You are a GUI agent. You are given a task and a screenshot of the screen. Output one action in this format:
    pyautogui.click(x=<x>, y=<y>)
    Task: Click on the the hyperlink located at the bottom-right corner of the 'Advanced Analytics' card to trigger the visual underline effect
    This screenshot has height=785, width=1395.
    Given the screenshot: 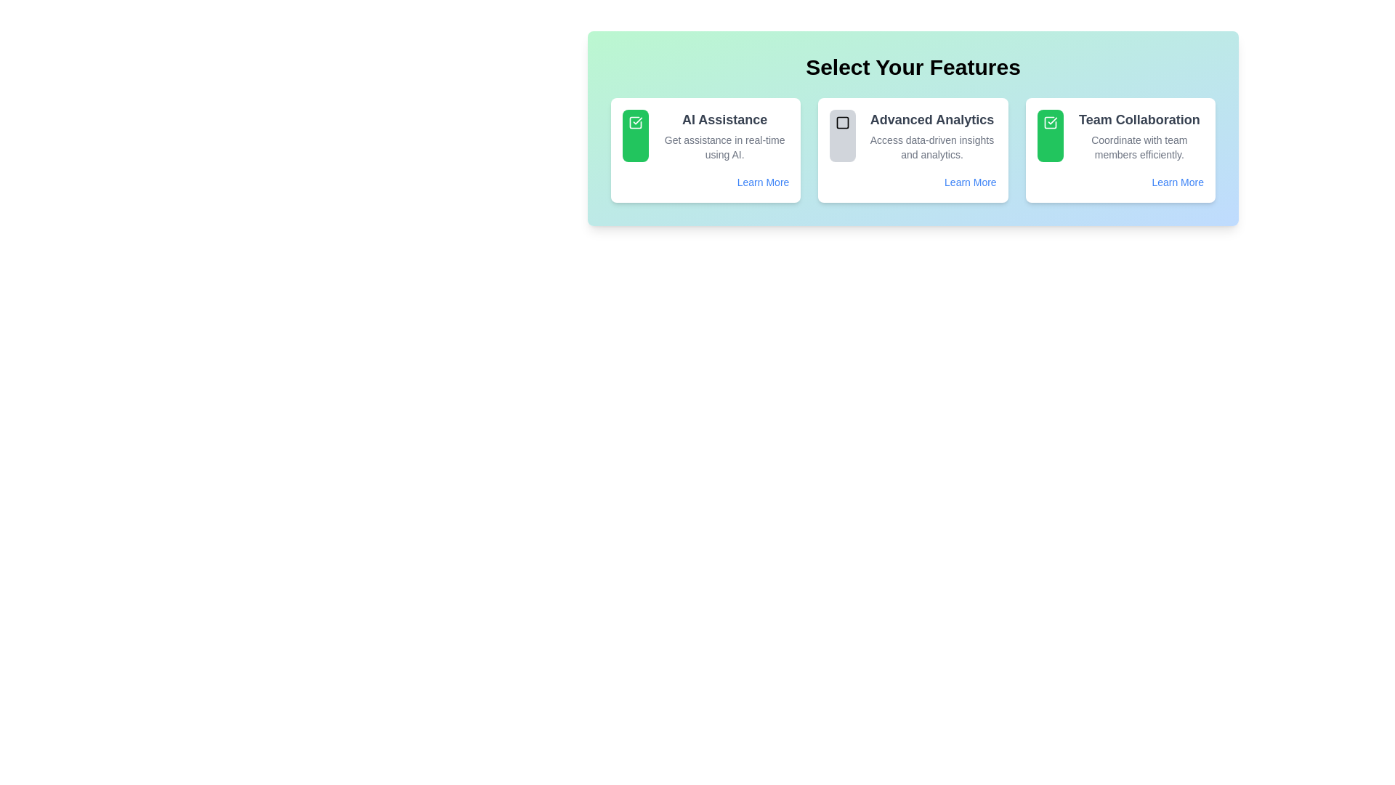 What is the action you would take?
    pyautogui.click(x=970, y=181)
    